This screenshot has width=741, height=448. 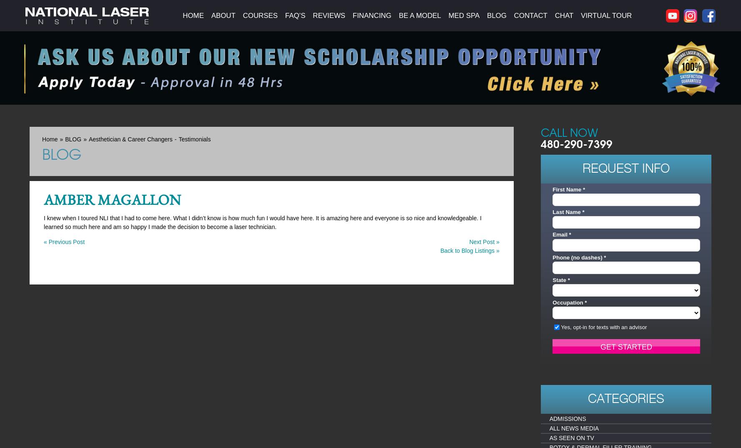 What do you see at coordinates (294, 15) in the screenshot?
I see `'FAQ’s'` at bounding box center [294, 15].